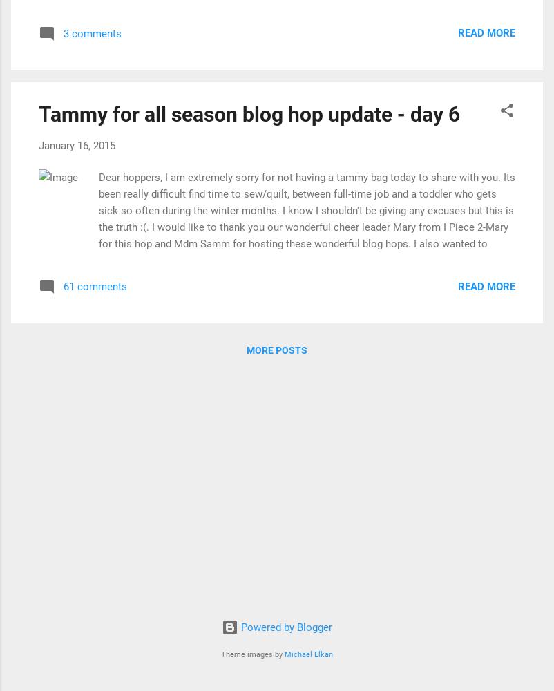 The height and width of the screenshot is (691, 554). Describe the element at coordinates (220, 654) in the screenshot. I see `'Theme images by'` at that location.